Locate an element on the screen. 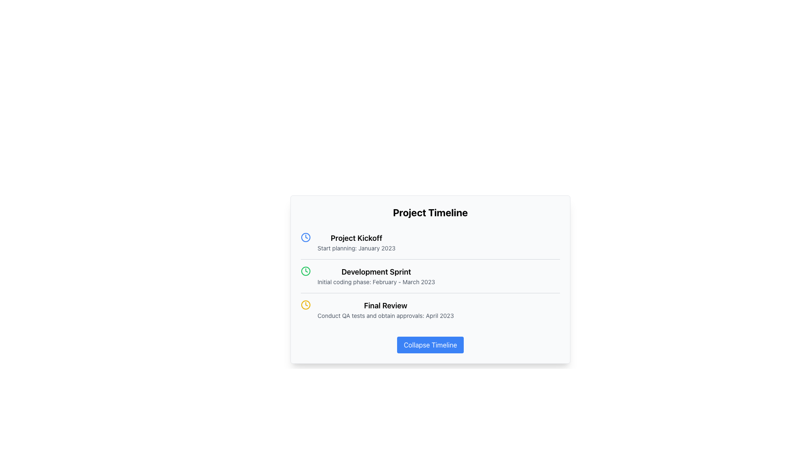 Image resolution: width=800 pixels, height=450 pixels. header text element indicating the phase name 'Development Sprint', which is centrally located in the project timeline above the description text and below 'Project Kickoff' is located at coordinates (376, 272).